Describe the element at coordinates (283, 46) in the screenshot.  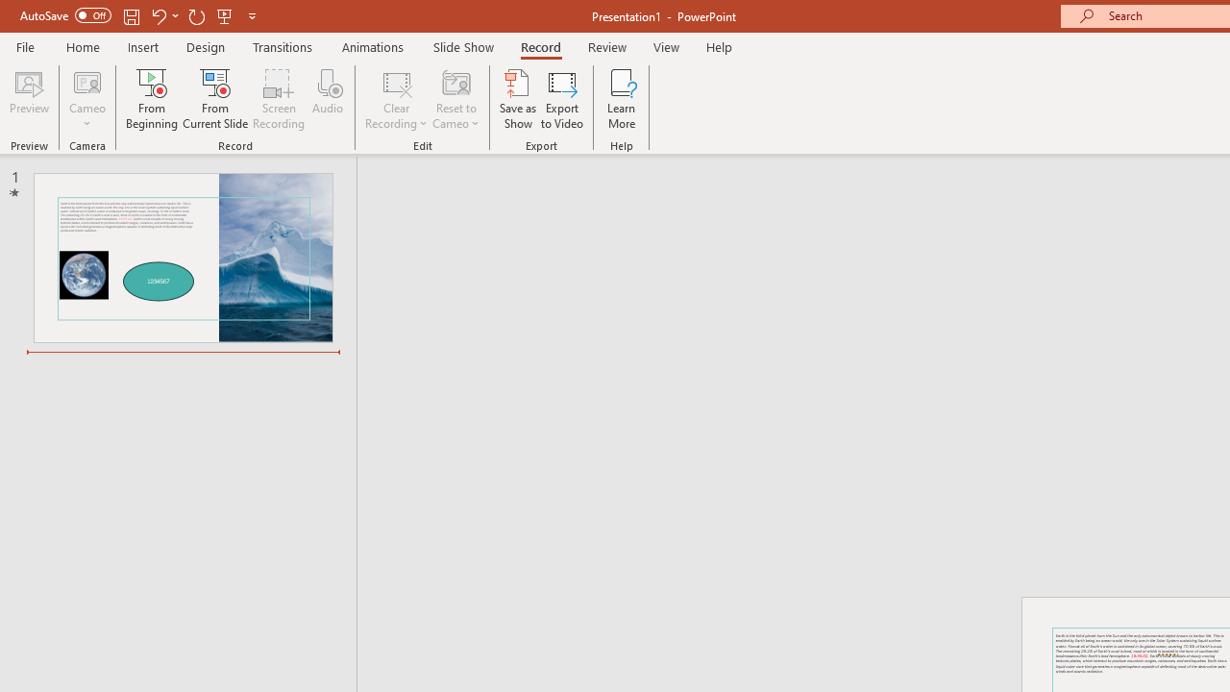
I see `'Transitions'` at that location.